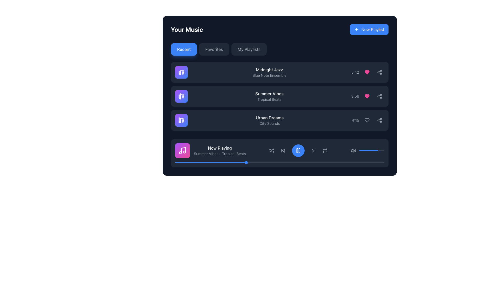 Image resolution: width=502 pixels, height=282 pixels. Describe the element at coordinates (283, 151) in the screenshot. I see `the second interactive button from the left in the media controls bar to skip backward to the previous track` at that location.